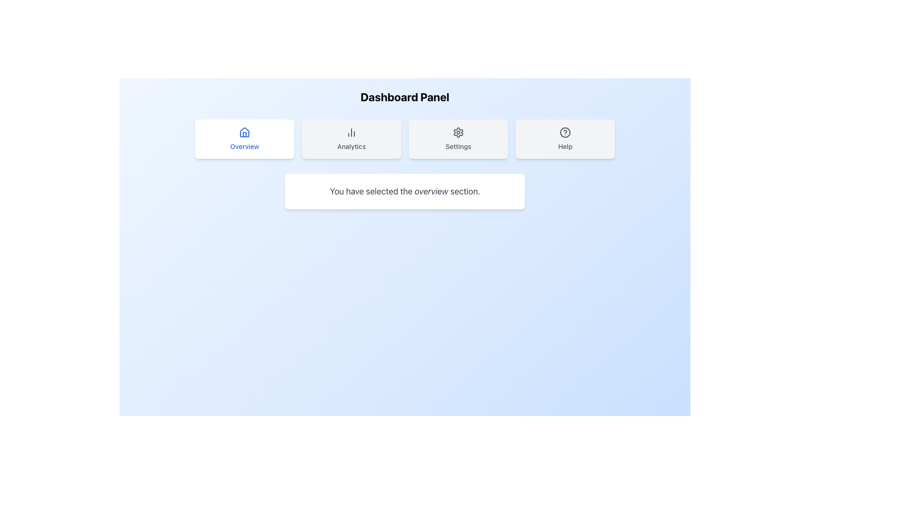  I want to click on the house icon within the 'Overview' button, which is the first button in a row of four buttons near the top center of the page, so click(245, 132).